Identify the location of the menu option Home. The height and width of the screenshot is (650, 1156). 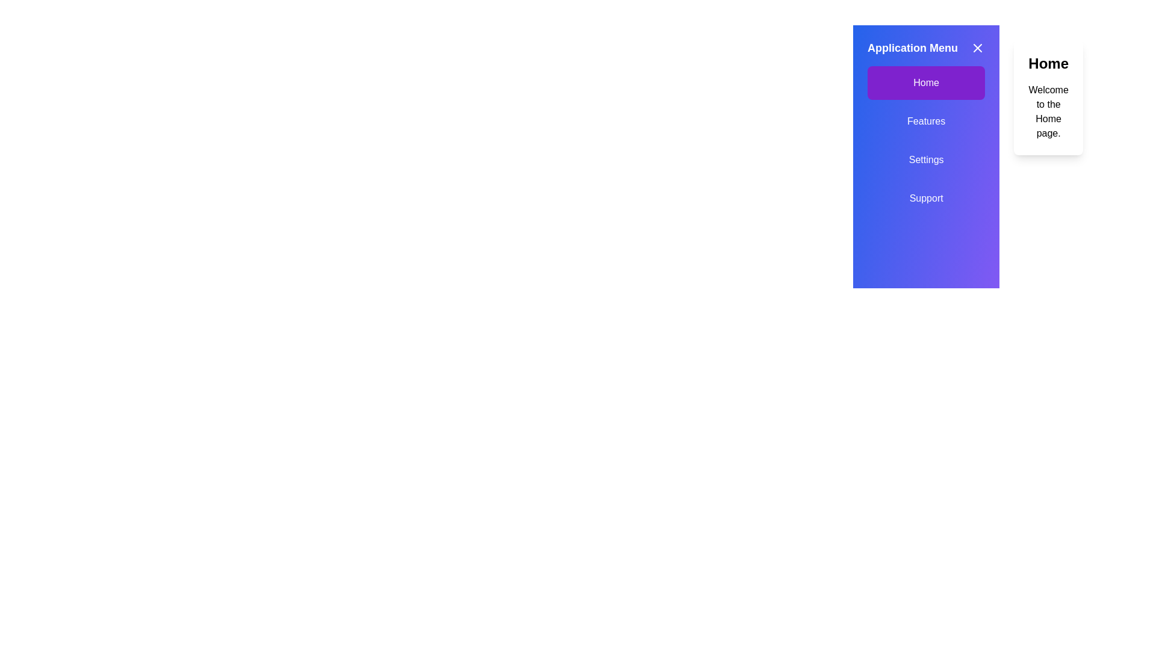
(925, 82).